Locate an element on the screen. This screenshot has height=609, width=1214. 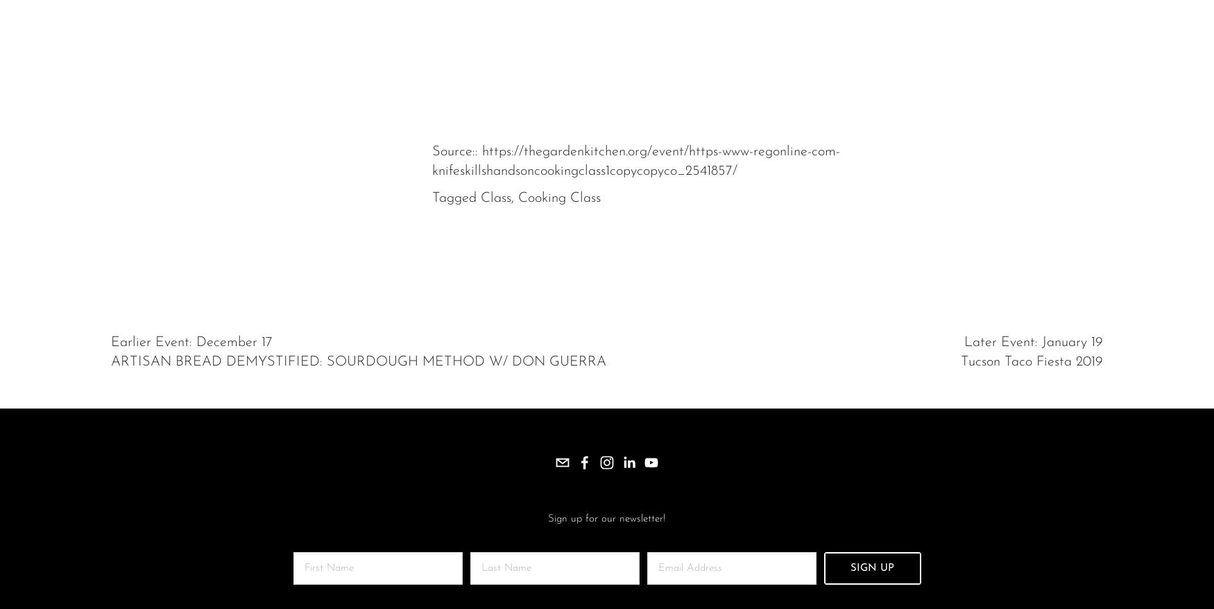
'ARTISAN BREAD DEMYSTIFIED: SOURDOUGH METHOD W/ DON GUERRA' is located at coordinates (357, 361).